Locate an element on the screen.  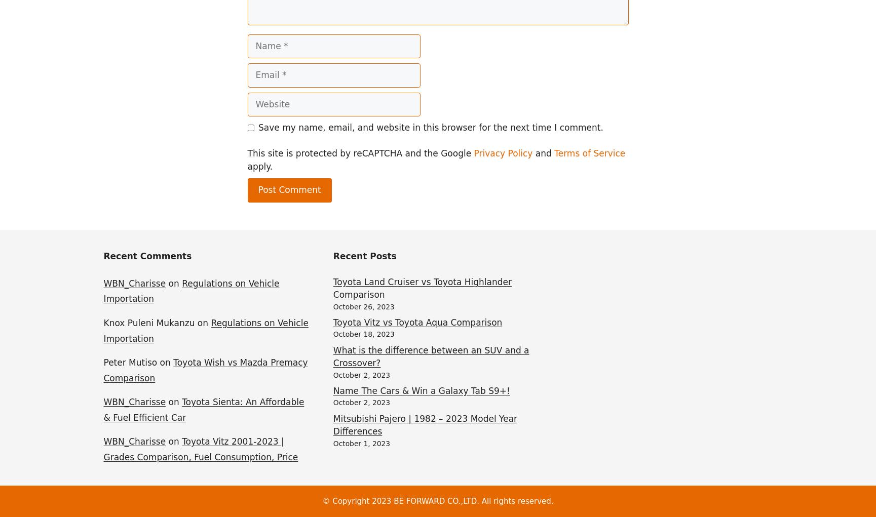
'Peter Mutiso' is located at coordinates (130, 362).